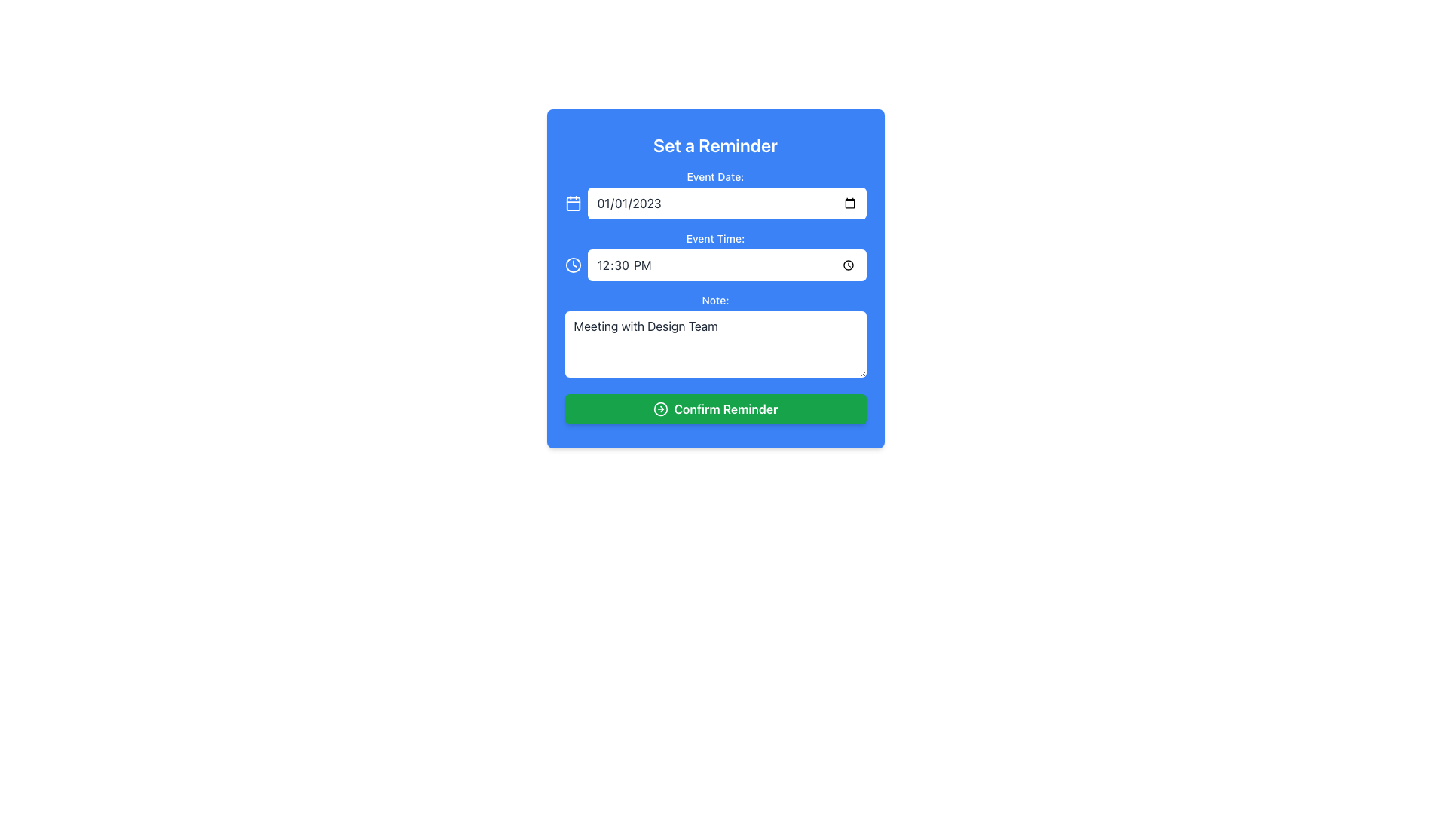 This screenshot has width=1447, height=814. I want to click on the static text label indicating the purpose of the time input field, located centrally between the 'Event Date' label and the time input field, so click(714, 237).